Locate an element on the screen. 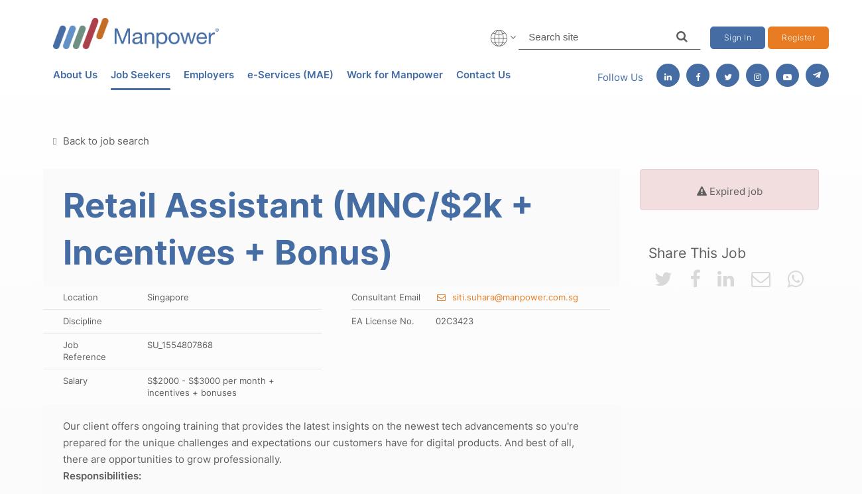  'Expired job' is located at coordinates (706, 191).